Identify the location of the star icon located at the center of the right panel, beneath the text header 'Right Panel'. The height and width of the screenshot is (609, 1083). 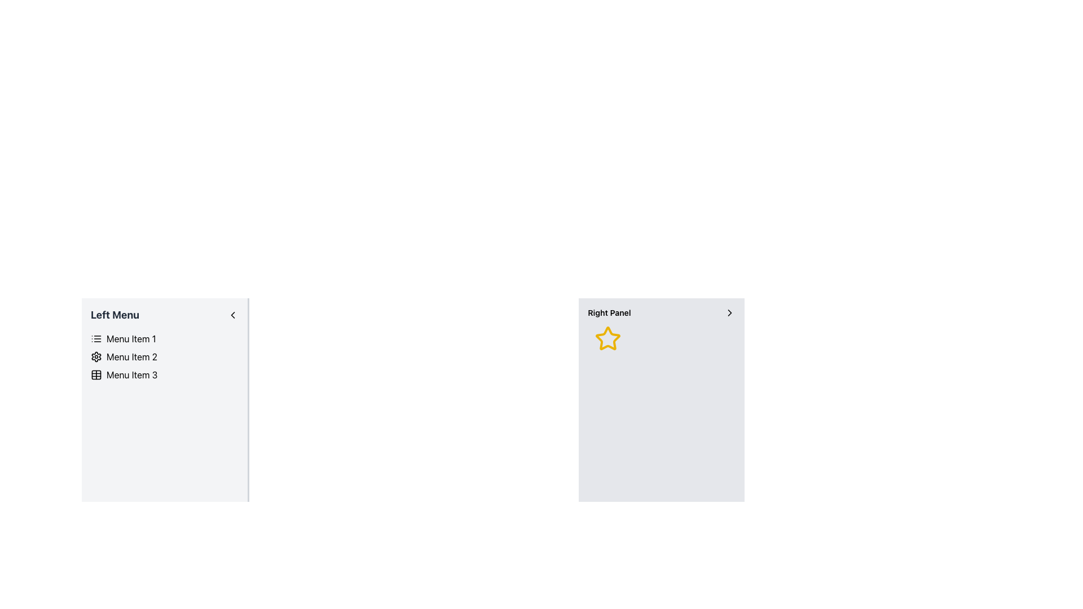
(607, 338).